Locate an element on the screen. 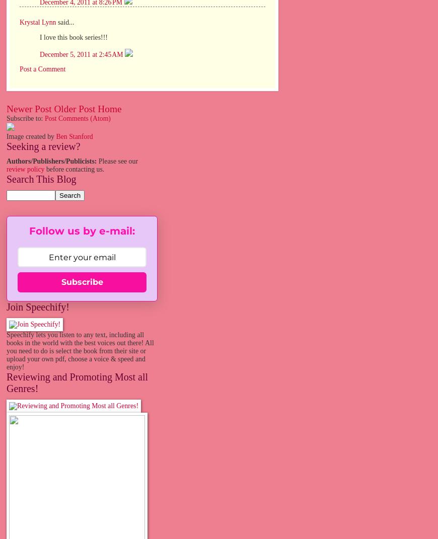 The width and height of the screenshot is (438, 539). 'Join Speechify!' is located at coordinates (6, 307).